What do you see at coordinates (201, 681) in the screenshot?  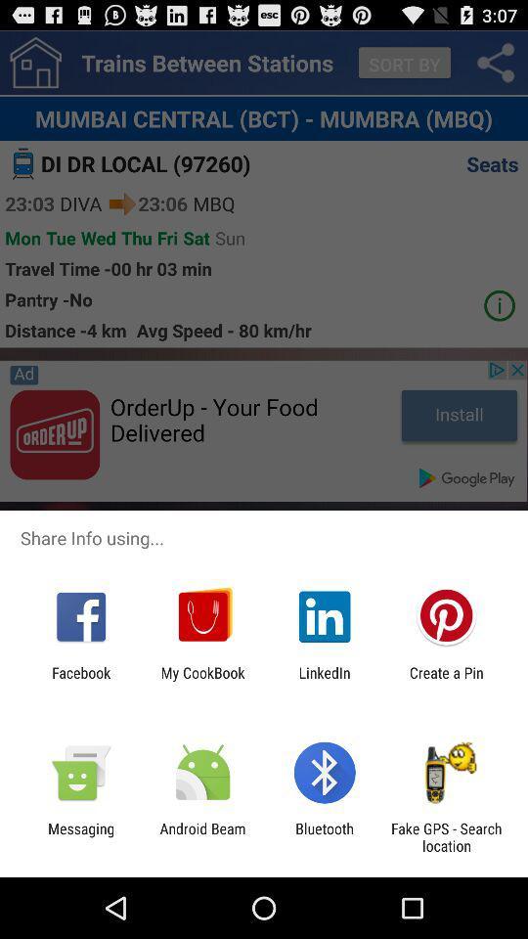 I see `app to the right of the facebook icon` at bounding box center [201, 681].